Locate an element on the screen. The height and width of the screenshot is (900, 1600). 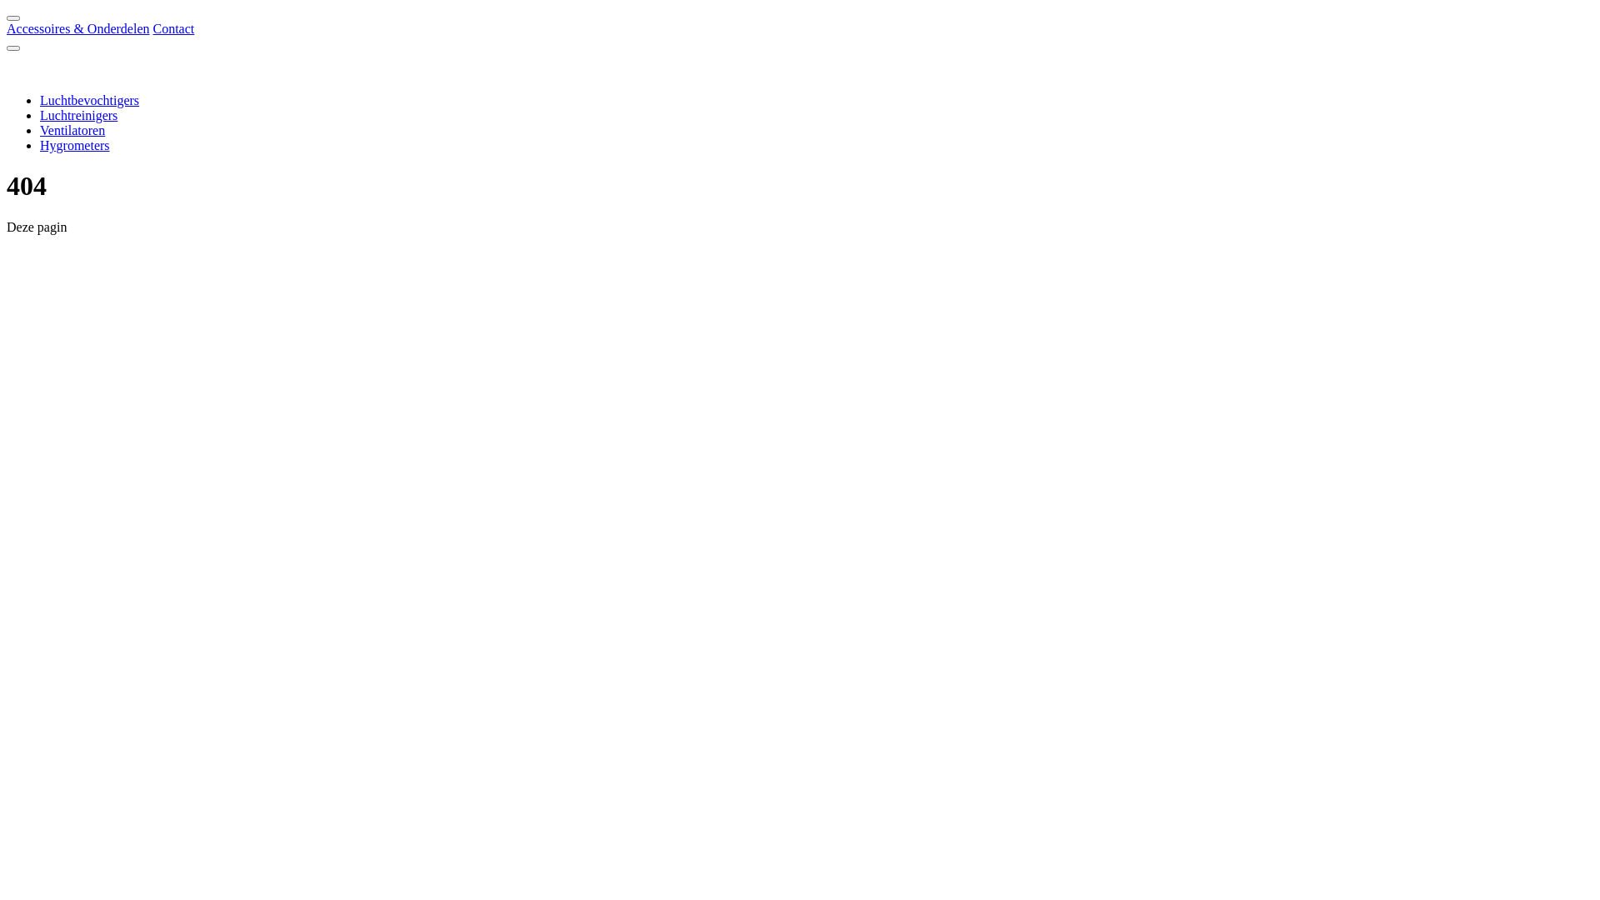
'Contact' is located at coordinates (174, 28).